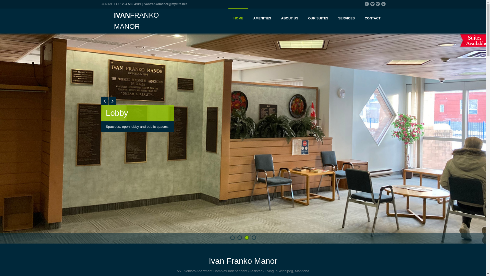  I want to click on 'ABOUT US', so click(289, 18).